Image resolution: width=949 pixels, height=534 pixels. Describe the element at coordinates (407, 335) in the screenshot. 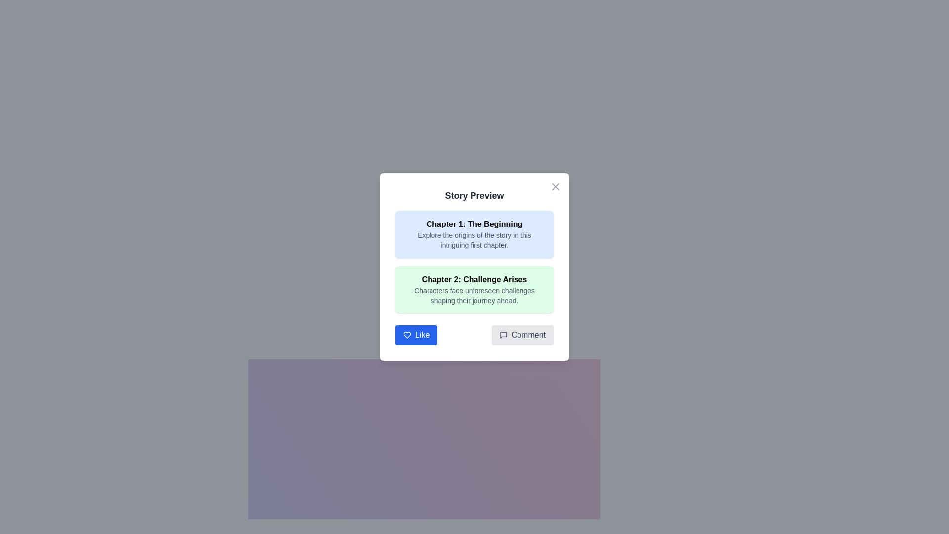

I see `the 'Like' icon located at the bottom-left corner of the 'Story Preview' dialog, which is within the button labeled 'Like.'` at that location.